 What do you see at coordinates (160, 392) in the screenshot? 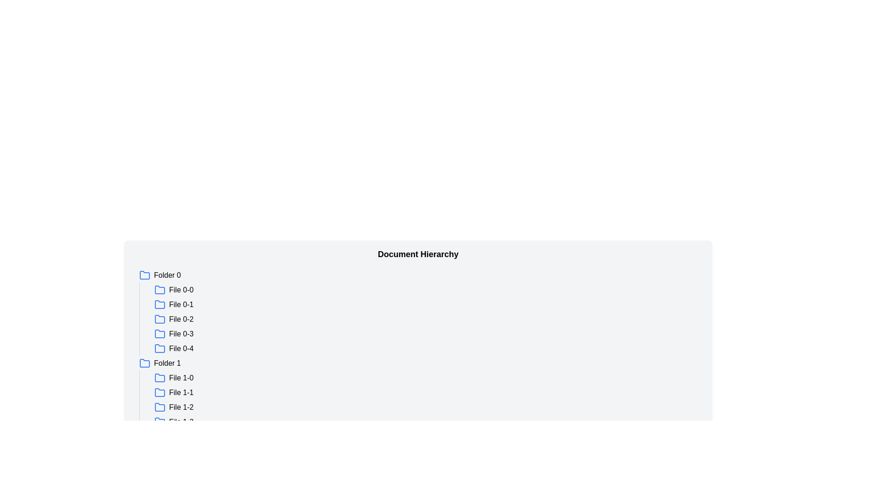
I see `the folder icon located next to 'File 1-1' in the 'Folder 1' section` at bounding box center [160, 392].